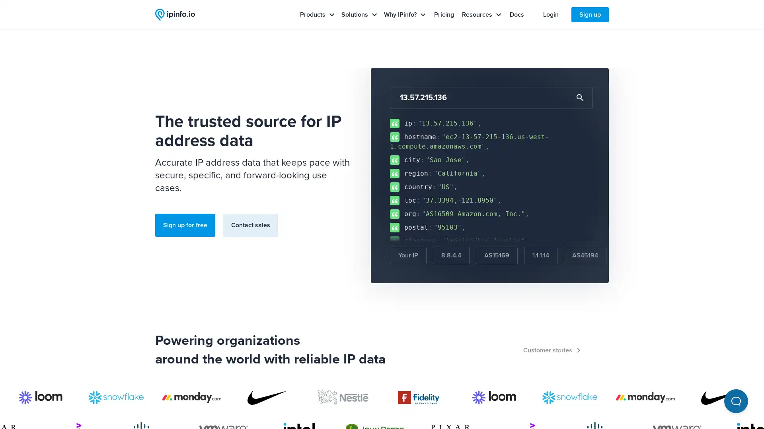 The width and height of the screenshot is (764, 429). Describe the element at coordinates (540, 255) in the screenshot. I see `1.1.1.14` at that location.